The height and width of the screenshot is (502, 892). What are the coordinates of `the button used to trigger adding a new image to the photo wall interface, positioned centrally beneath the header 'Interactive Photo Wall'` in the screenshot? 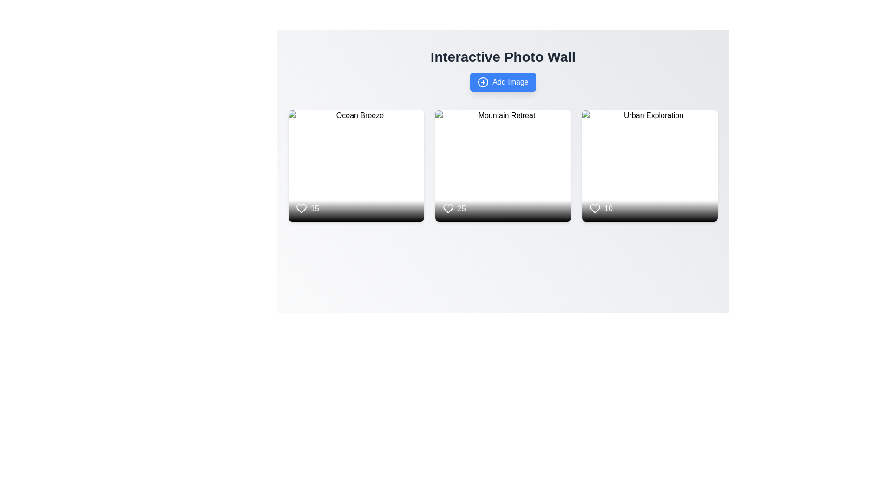 It's located at (503, 82).